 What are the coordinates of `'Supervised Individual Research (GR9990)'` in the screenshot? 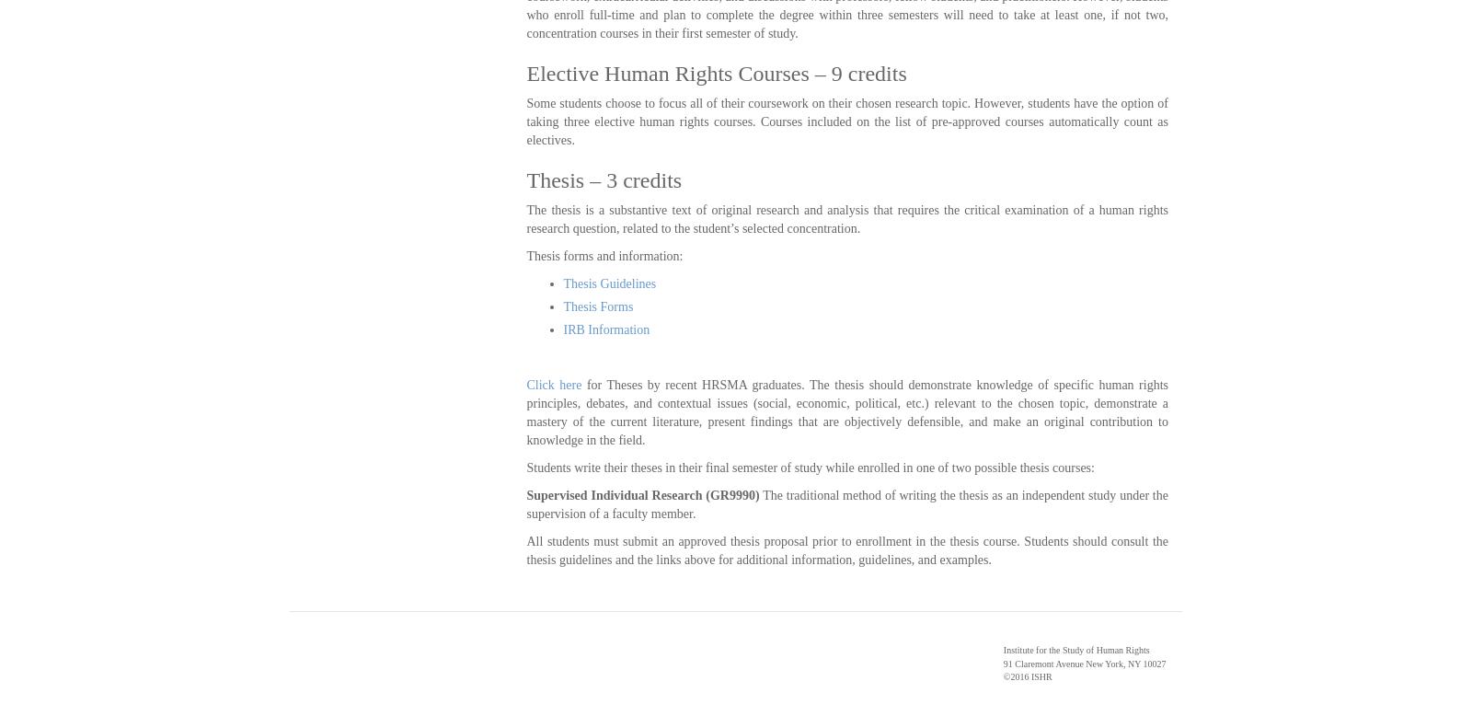 It's located at (642, 495).